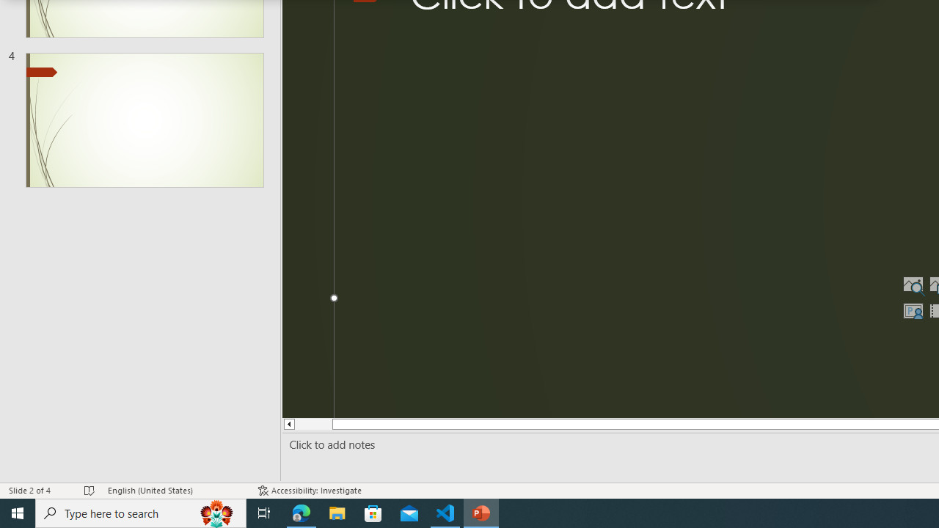 This screenshot has width=939, height=528. What do you see at coordinates (301, 512) in the screenshot?
I see `'Microsoft Edge - 1 running window'` at bounding box center [301, 512].